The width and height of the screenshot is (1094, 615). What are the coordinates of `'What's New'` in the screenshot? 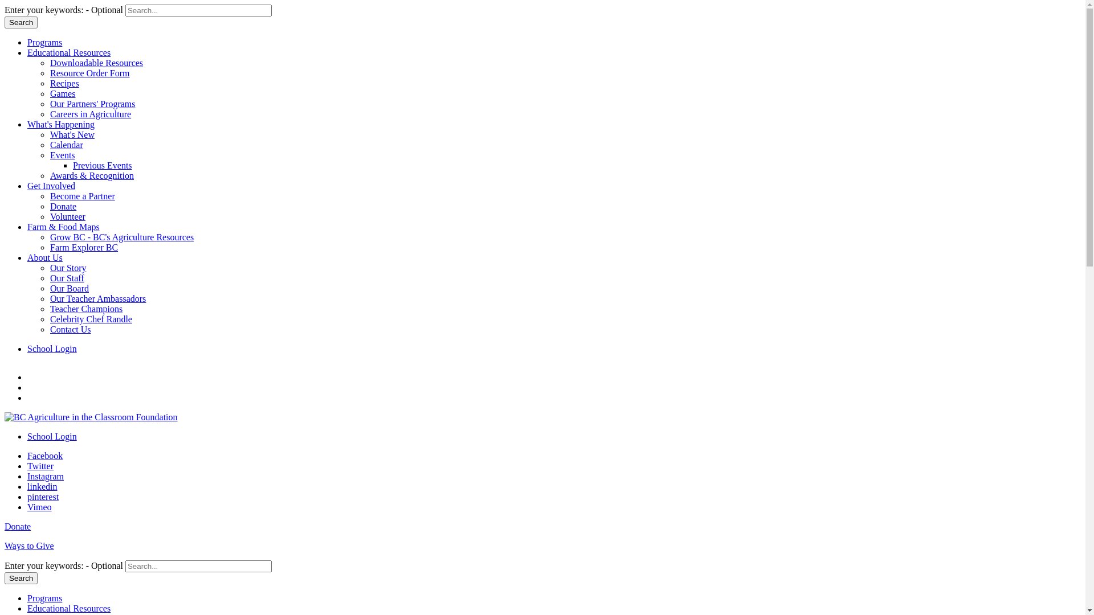 It's located at (71, 134).